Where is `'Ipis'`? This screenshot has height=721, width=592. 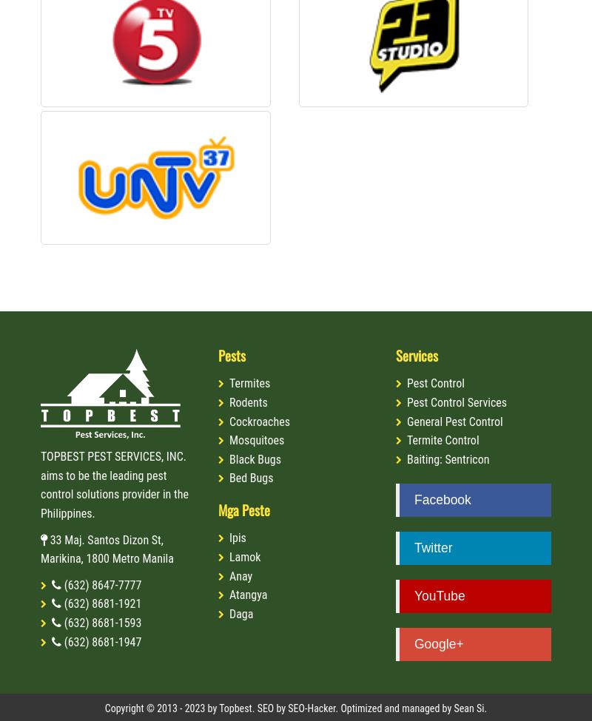 'Ipis' is located at coordinates (236, 537).